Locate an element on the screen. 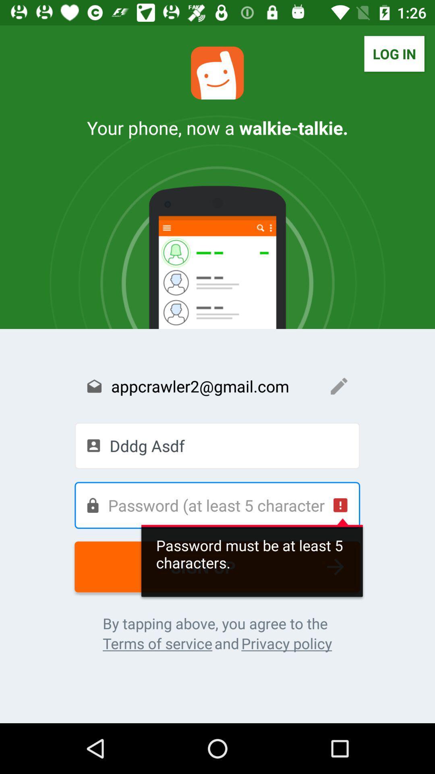 This screenshot has width=435, height=774. the dddg asdf is located at coordinates (217, 445).